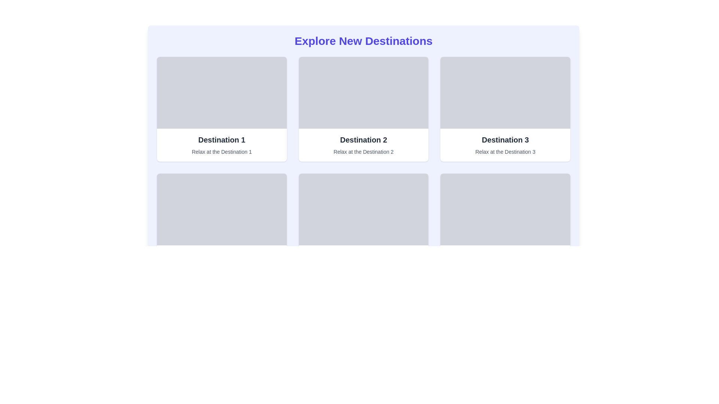 The height and width of the screenshot is (404, 719). Describe the element at coordinates (221, 145) in the screenshot. I see `text content of the informational card representing Destination 1, located in the top-left slot of the grid layout` at that location.